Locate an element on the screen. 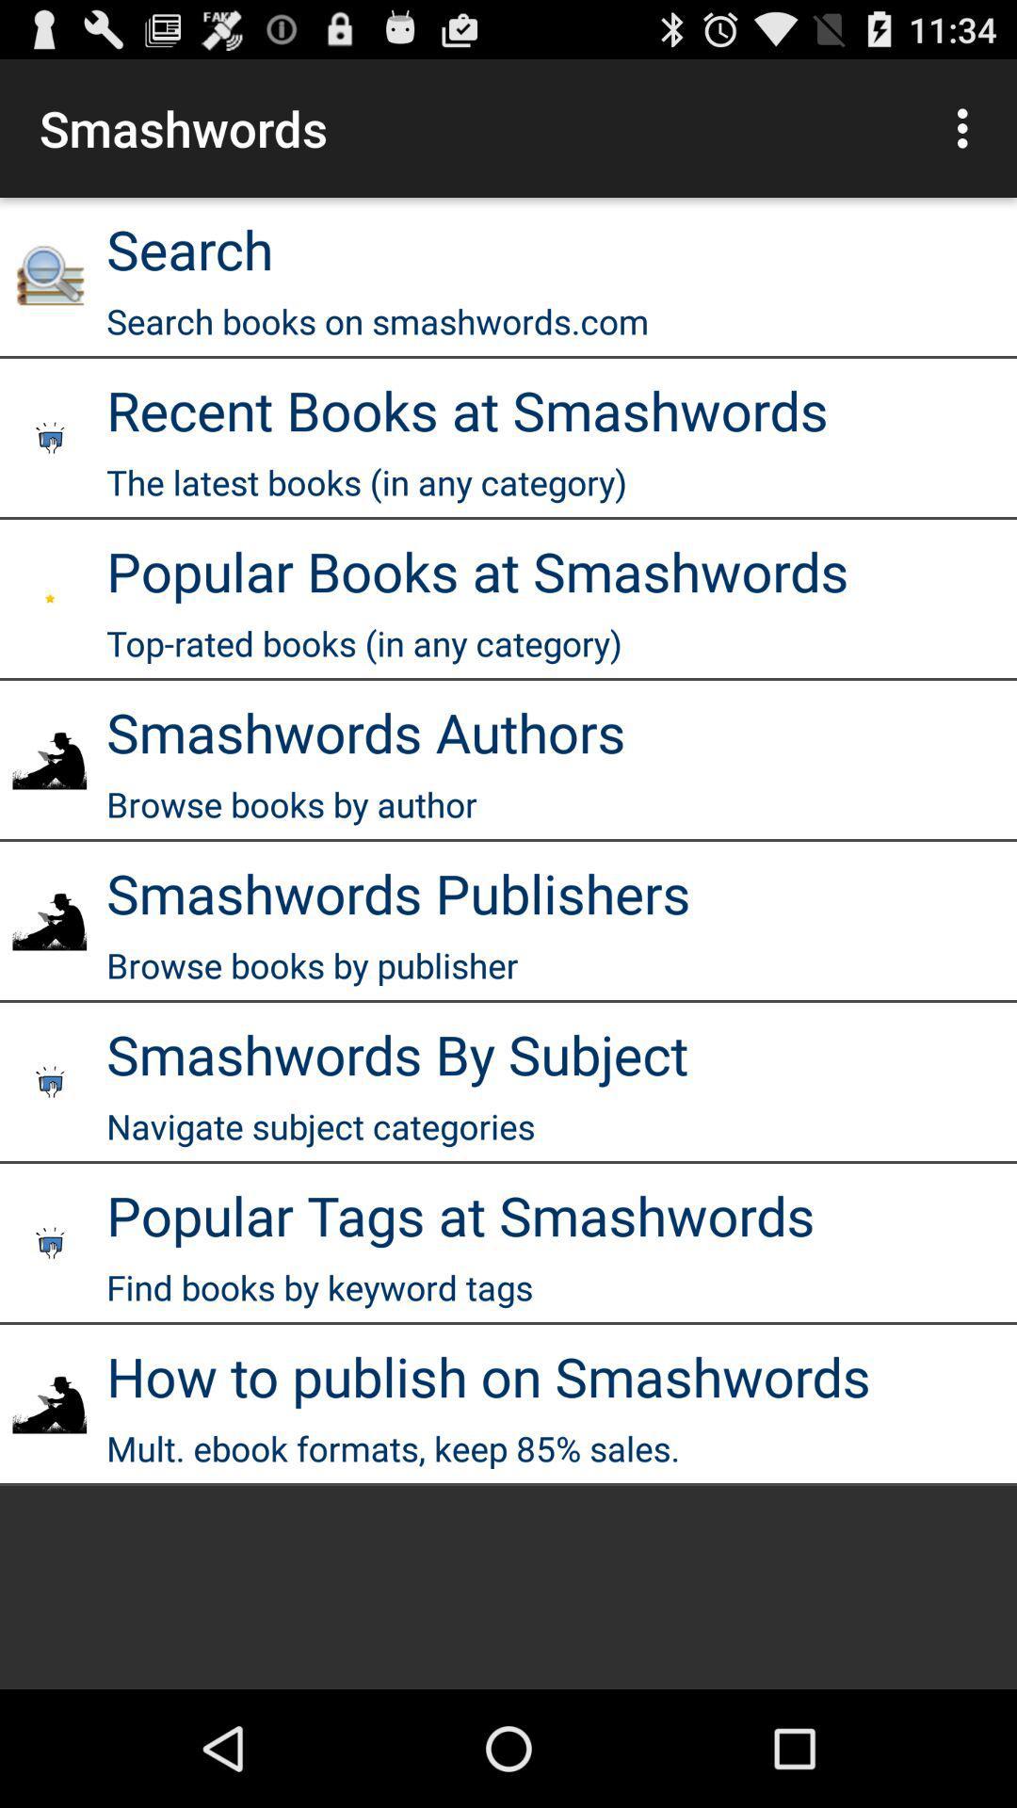  app below recent books at item is located at coordinates (366, 482).